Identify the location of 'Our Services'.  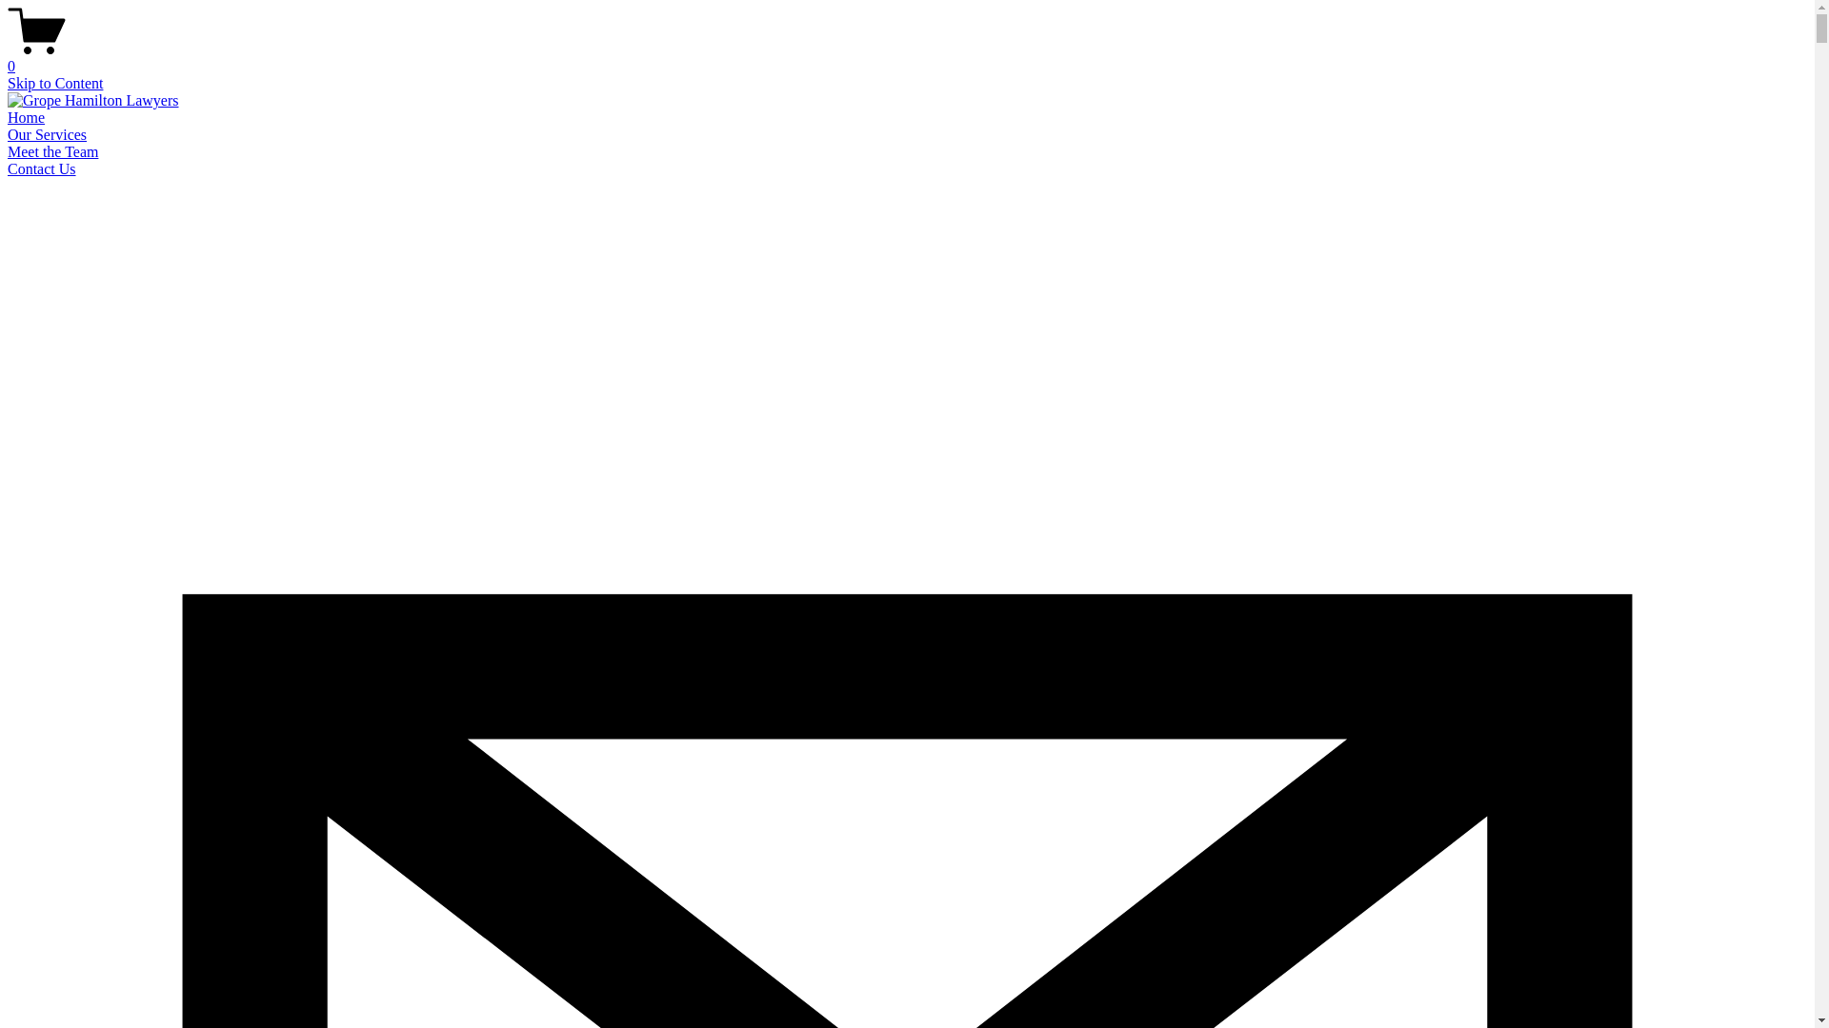
(47, 133).